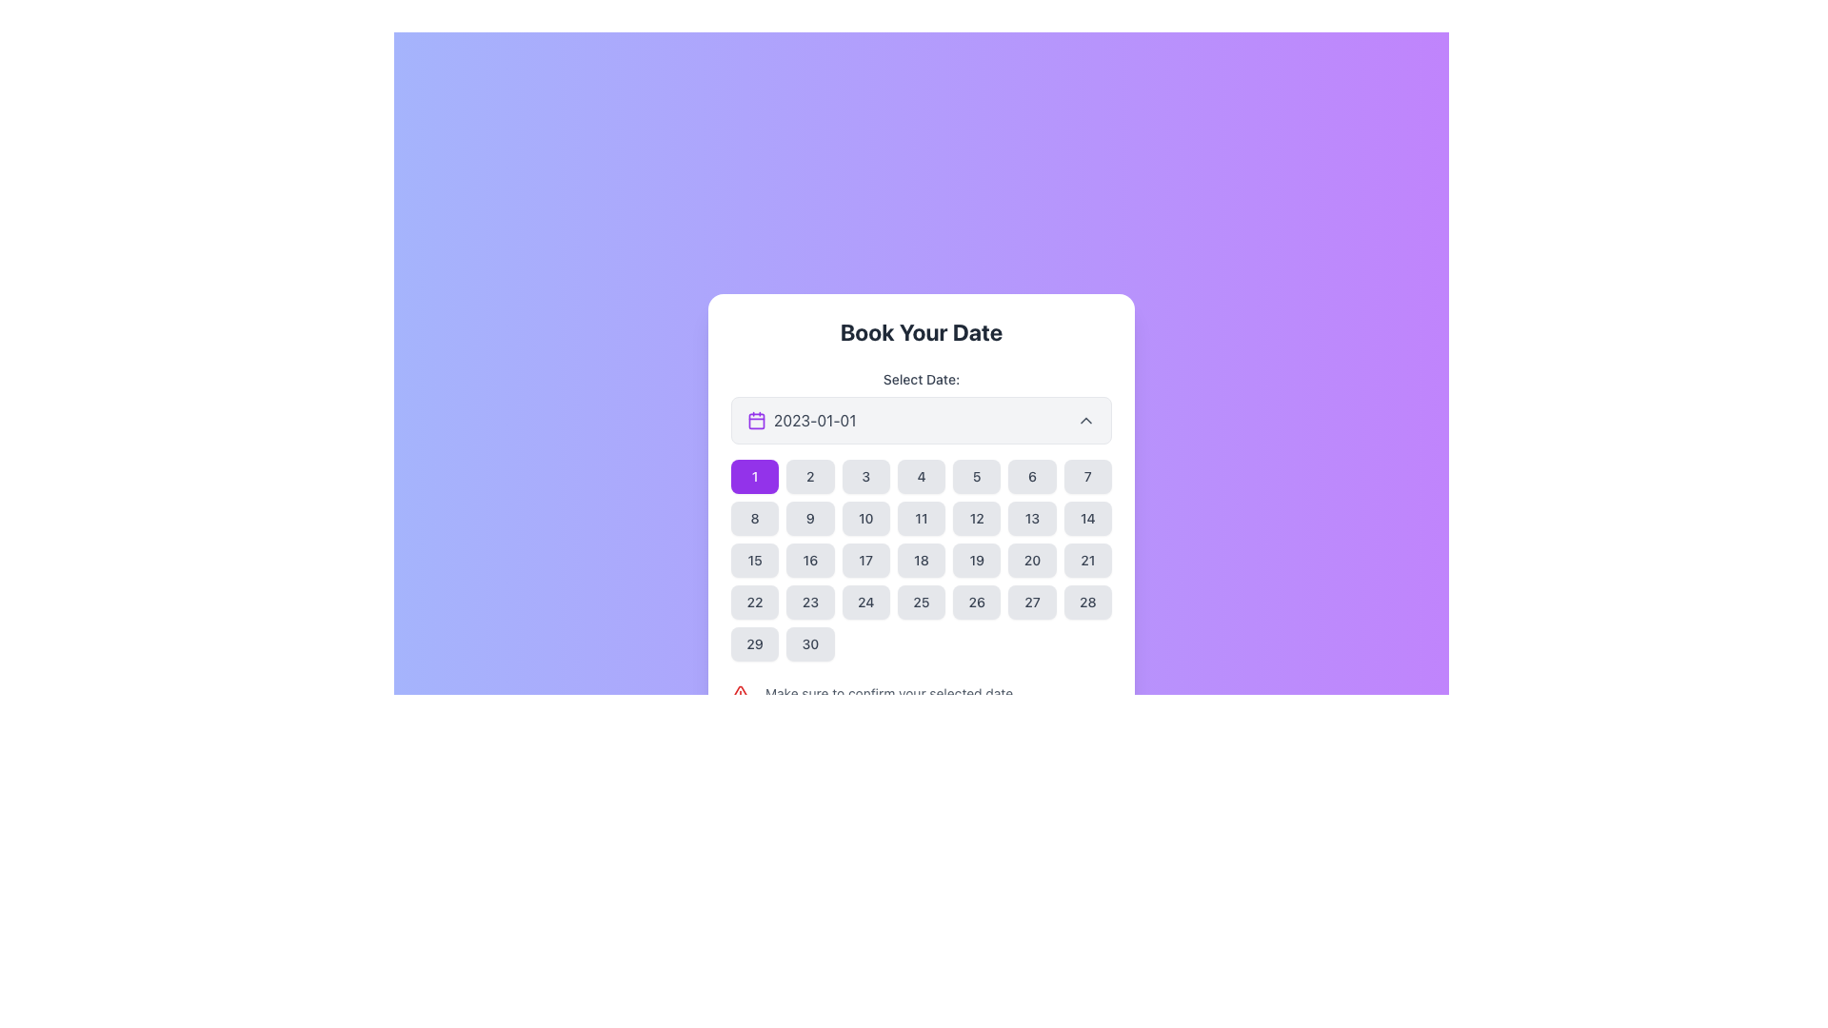 The width and height of the screenshot is (1828, 1028). I want to click on the selectable date button representing the date '27' in the calendar grid under the 'Book Your Date' heading, so click(1031, 602).